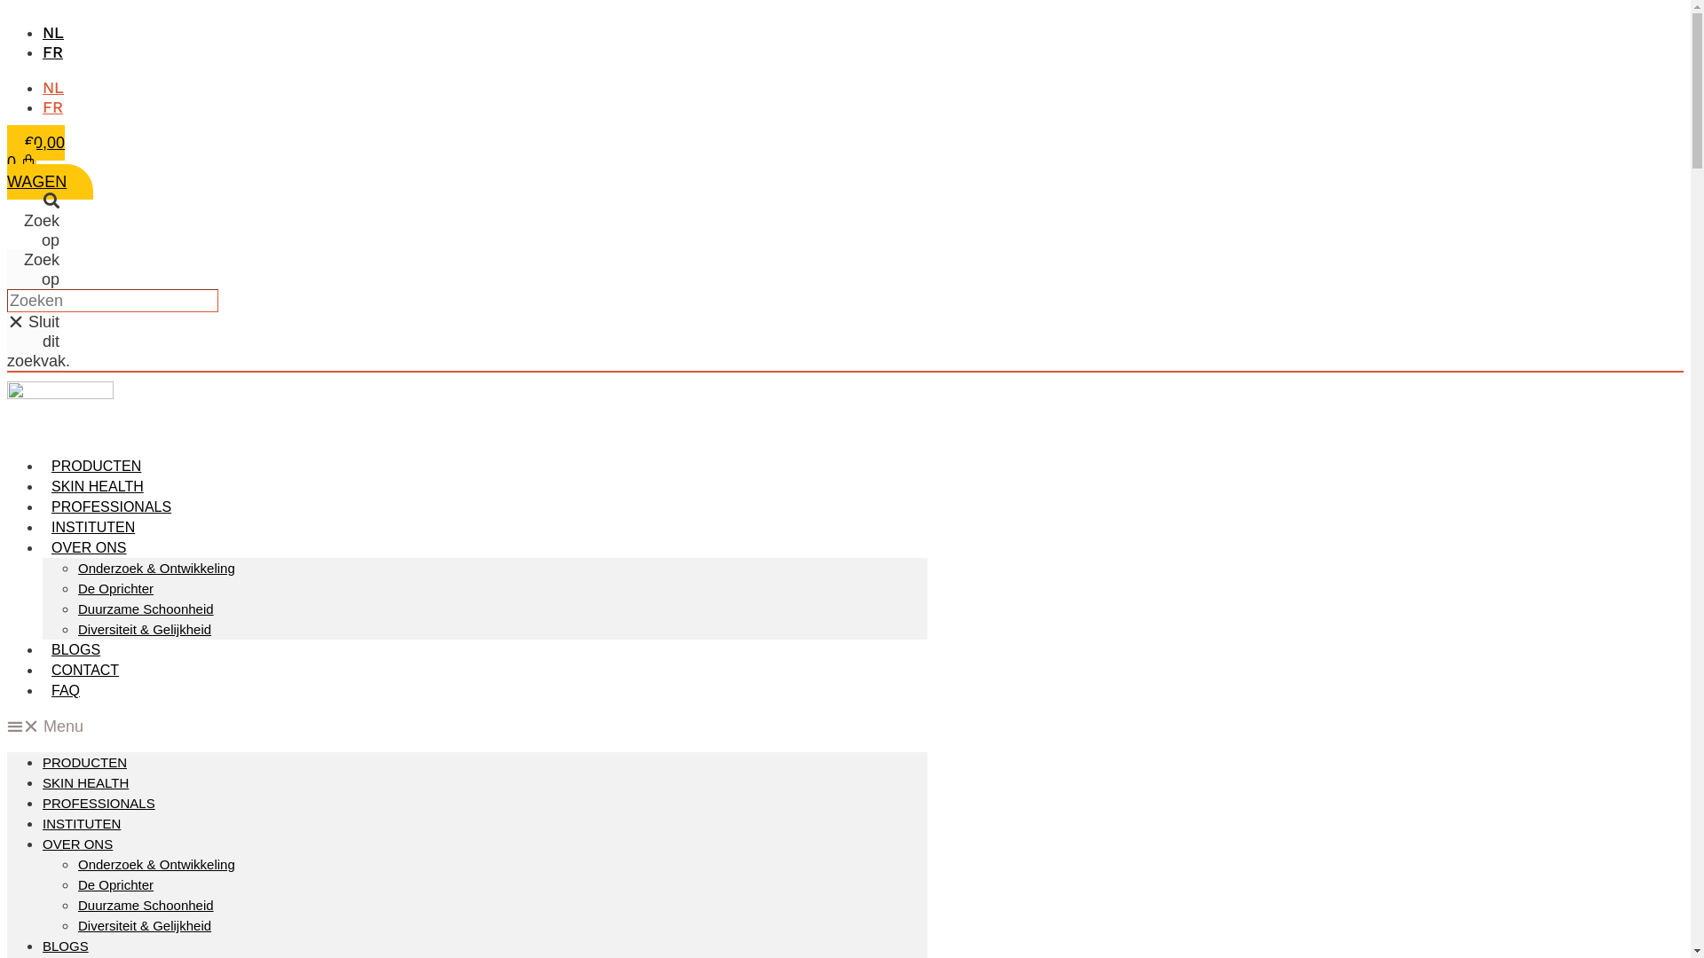  Describe the element at coordinates (52, 32) in the screenshot. I see `'NL'` at that location.